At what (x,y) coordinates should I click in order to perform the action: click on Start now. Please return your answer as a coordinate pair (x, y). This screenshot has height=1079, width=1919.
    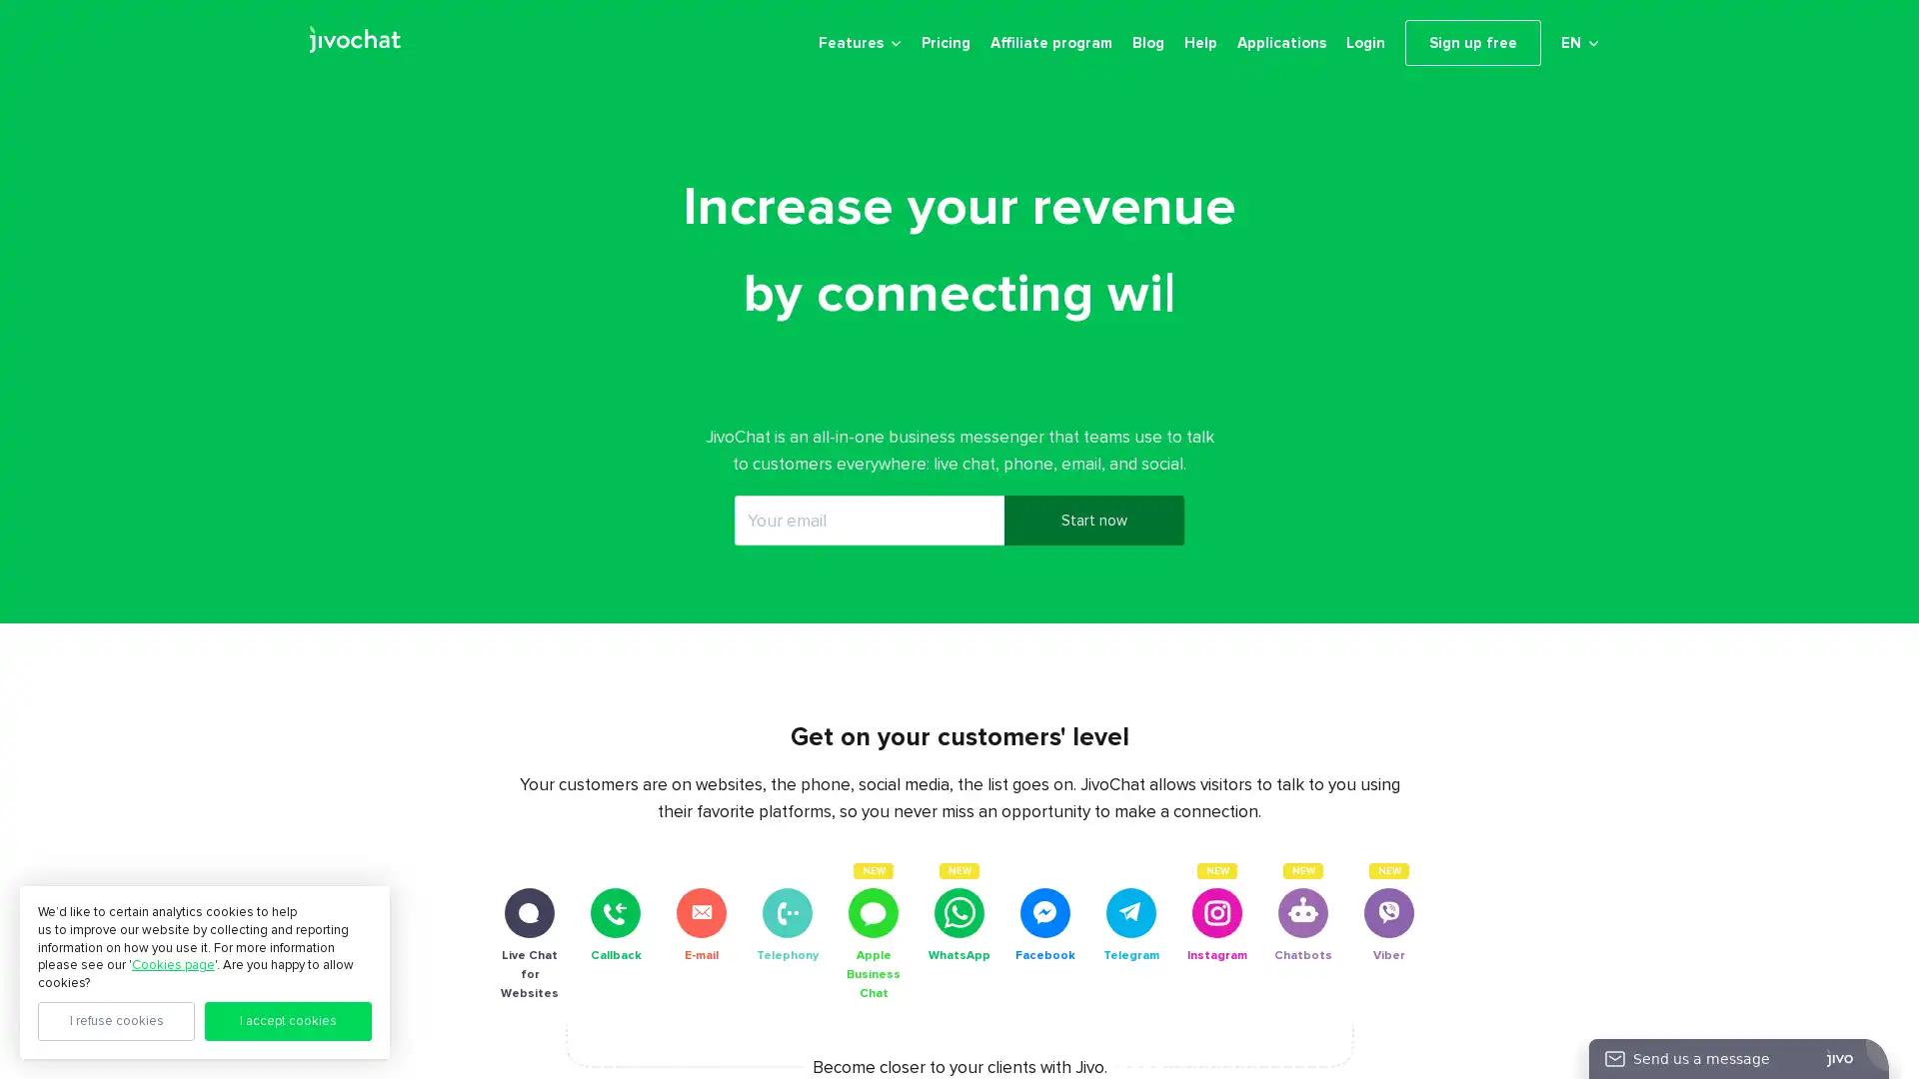
    Looking at the image, I should click on (1092, 536).